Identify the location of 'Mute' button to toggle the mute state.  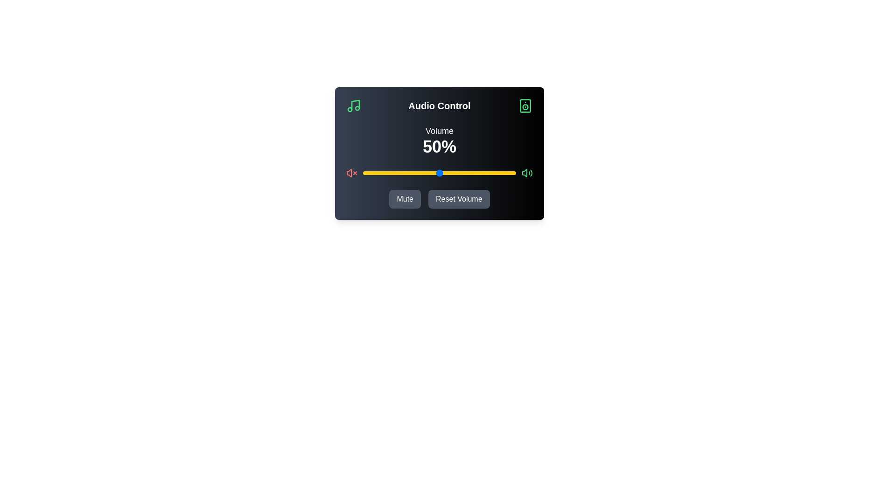
(405, 199).